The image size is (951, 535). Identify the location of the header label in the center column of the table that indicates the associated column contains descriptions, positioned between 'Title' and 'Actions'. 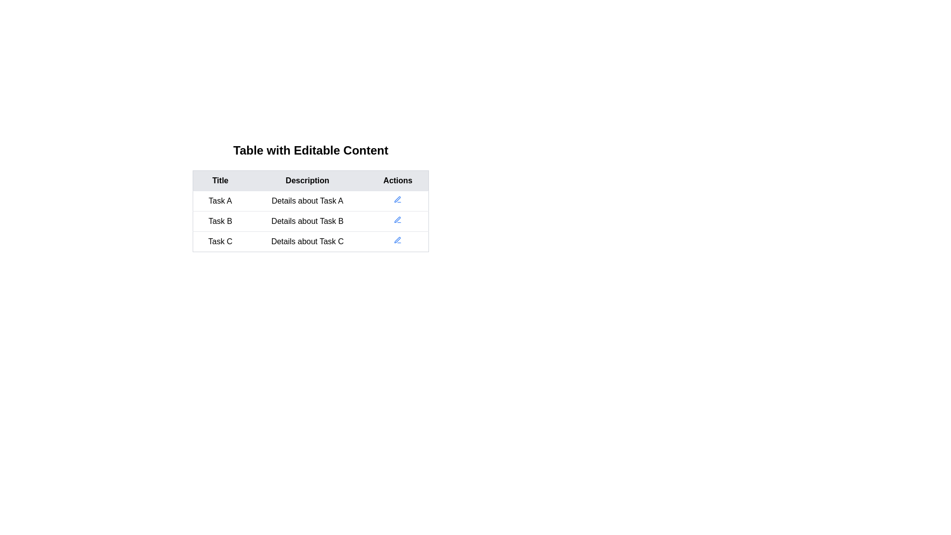
(307, 181).